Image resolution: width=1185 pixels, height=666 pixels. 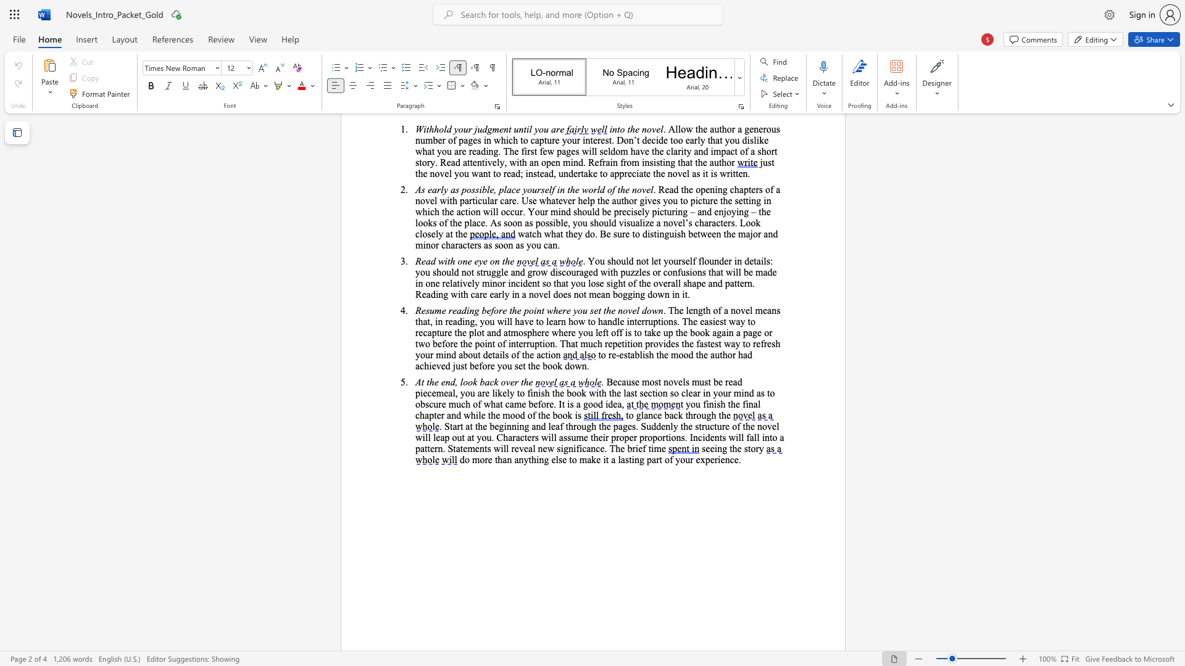 What do you see at coordinates (634, 459) in the screenshot?
I see `the subset text "ng part of your exper" within the text "do more than anything else to make it a lasting part of your experience."` at bounding box center [634, 459].